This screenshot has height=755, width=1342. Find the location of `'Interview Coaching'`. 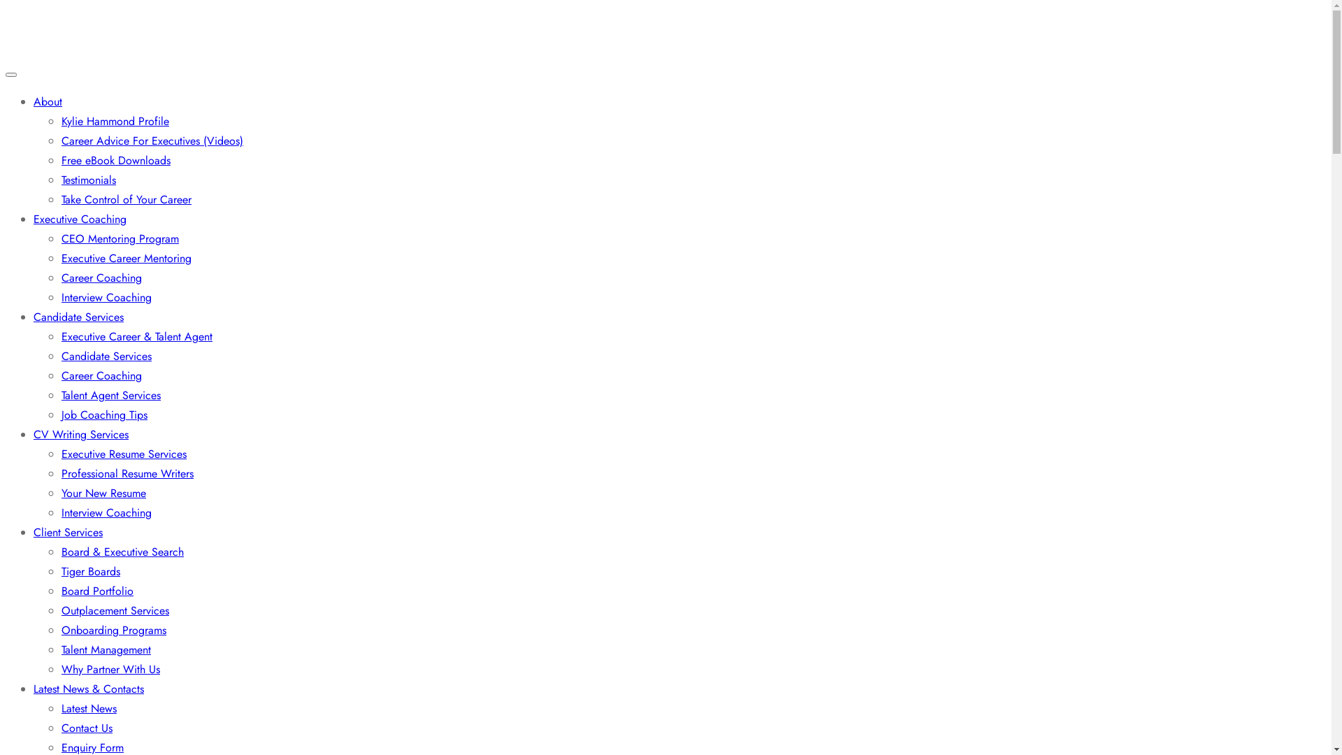

'Interview Coaching' is located at coordinates (106, 296).